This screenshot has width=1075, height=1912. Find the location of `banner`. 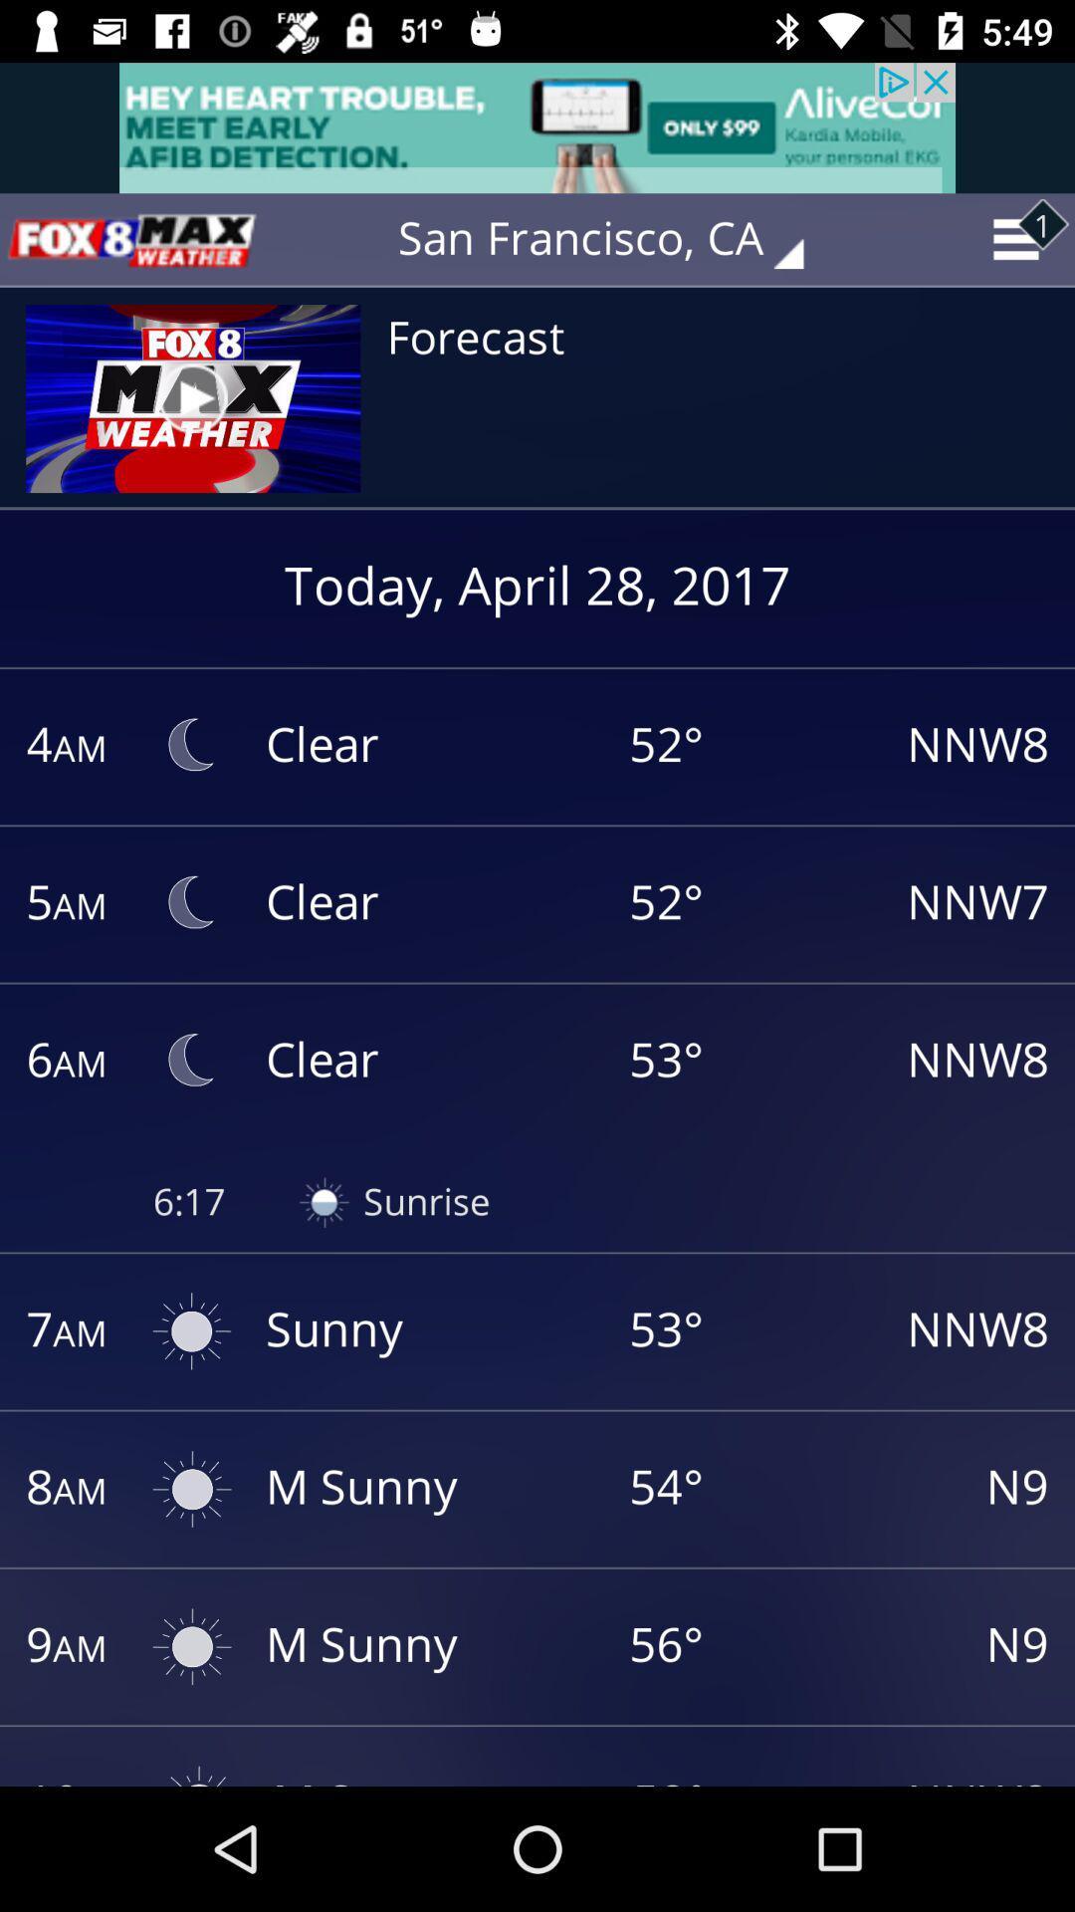

banner is located at coordinates (537, 126).